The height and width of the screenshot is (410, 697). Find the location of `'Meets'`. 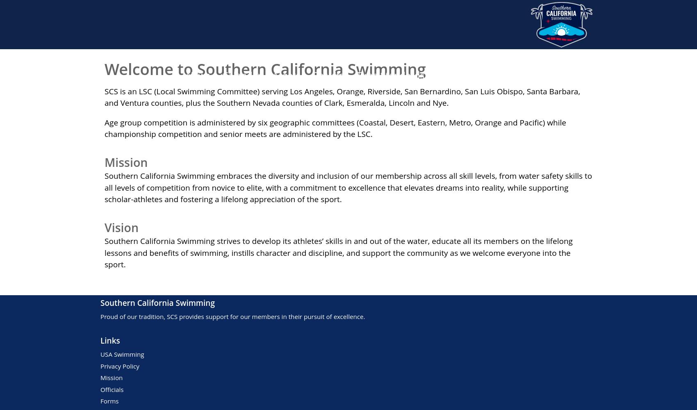

'Meets' is located at coordinates (287, 75).